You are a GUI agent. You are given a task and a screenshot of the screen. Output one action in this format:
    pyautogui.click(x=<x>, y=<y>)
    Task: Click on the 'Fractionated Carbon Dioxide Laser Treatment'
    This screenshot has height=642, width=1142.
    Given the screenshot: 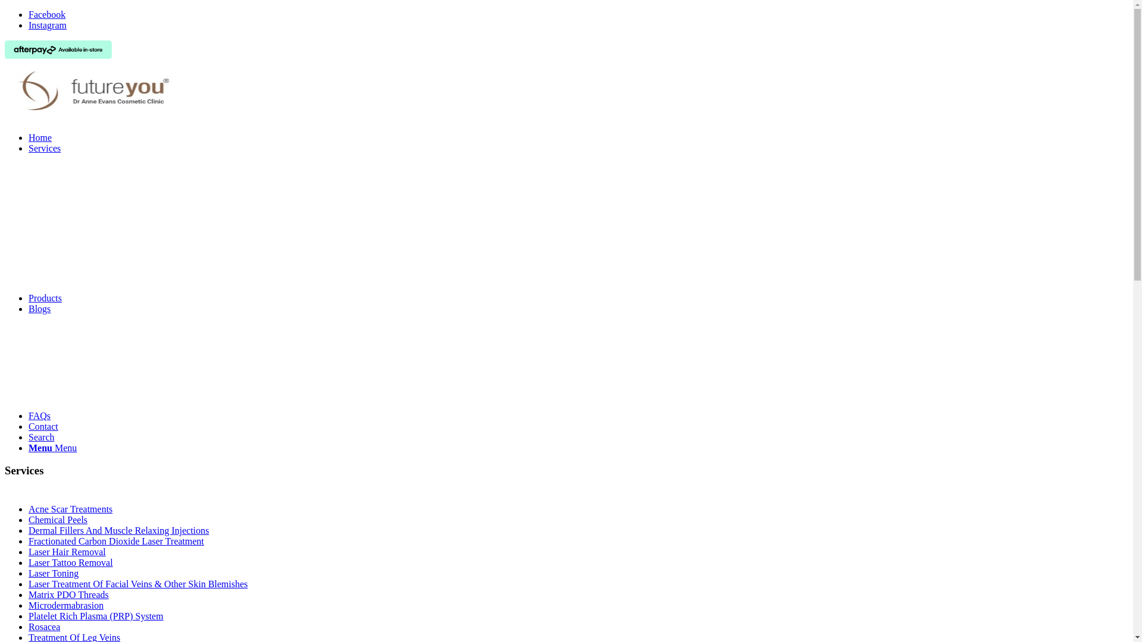 What is the action you would take?
    pyautogui.click(x=116, y=541)
    